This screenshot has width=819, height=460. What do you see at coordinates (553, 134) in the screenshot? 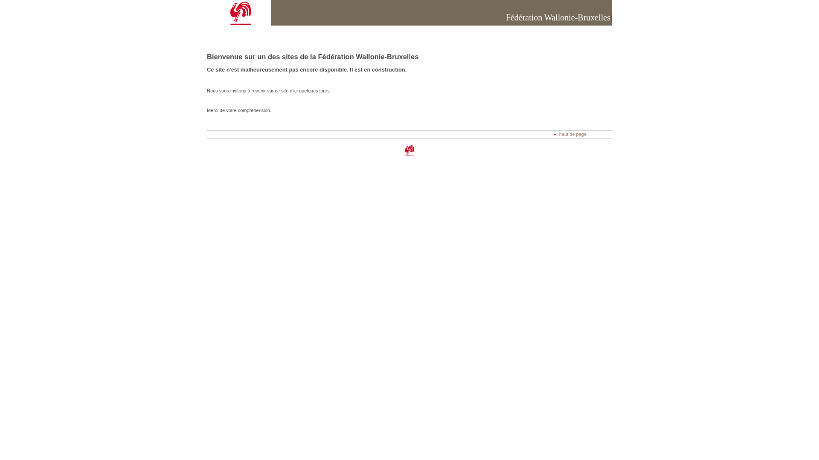
I see `'haut de page'` at bounding box center [553, 134].